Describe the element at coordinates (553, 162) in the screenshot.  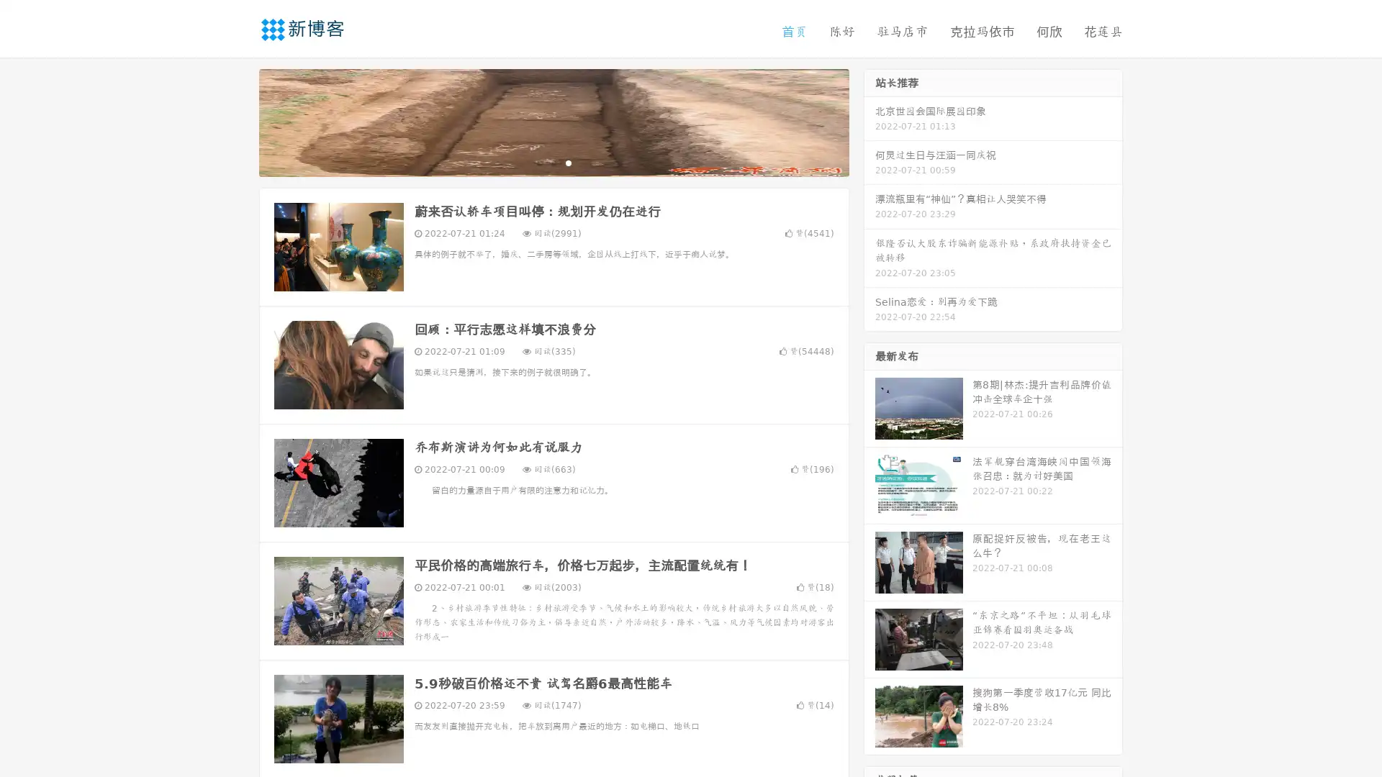
I see `Go to slide 2` at that location.